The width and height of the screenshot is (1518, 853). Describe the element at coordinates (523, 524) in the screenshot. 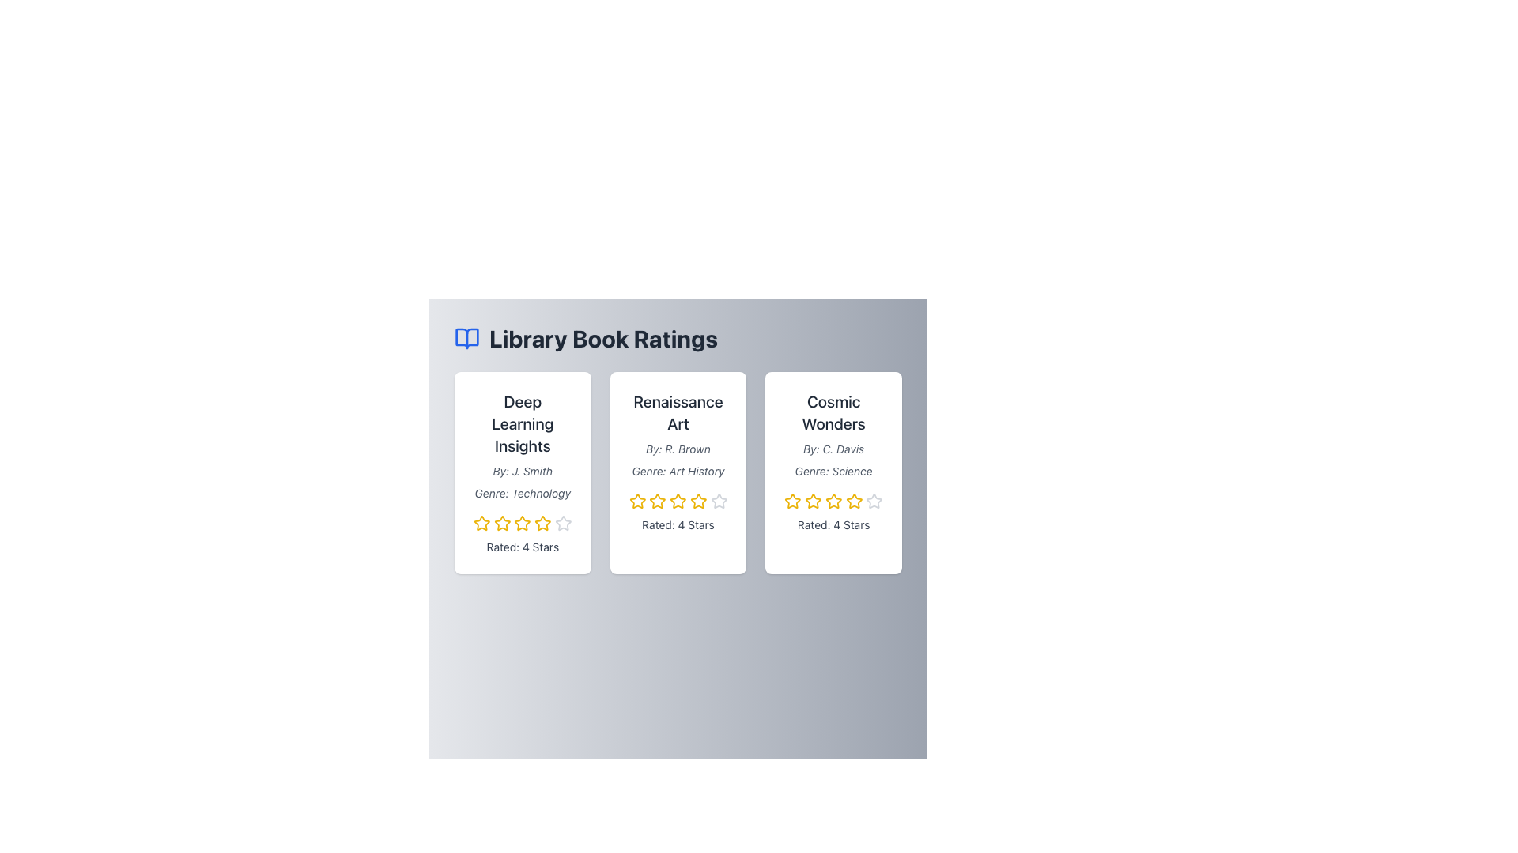

I see `the fourth star icon in the rating system under the 'Deep Learning Insights' card, which has a yellow outline and enlarges on hover` at that location.